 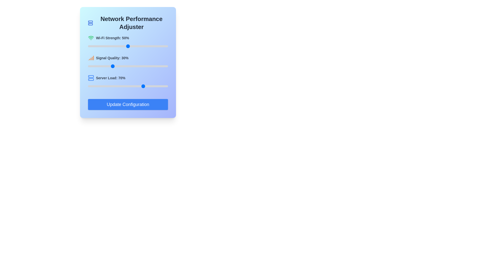 I want to click on signal quality, so click(x=148, y=66).